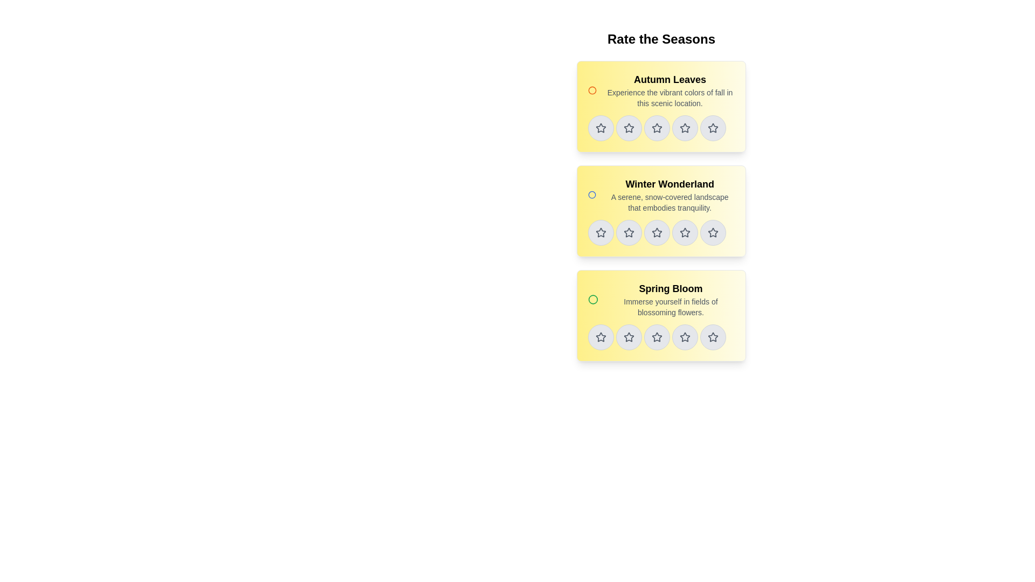 Image resolution: width=1035 pixels, height=582 pixels. Describe the element at coordinates (685, 128) in the screenshot. I see `on the fourth rating button in the rating row for 'Autumn Leaves'` at that location.